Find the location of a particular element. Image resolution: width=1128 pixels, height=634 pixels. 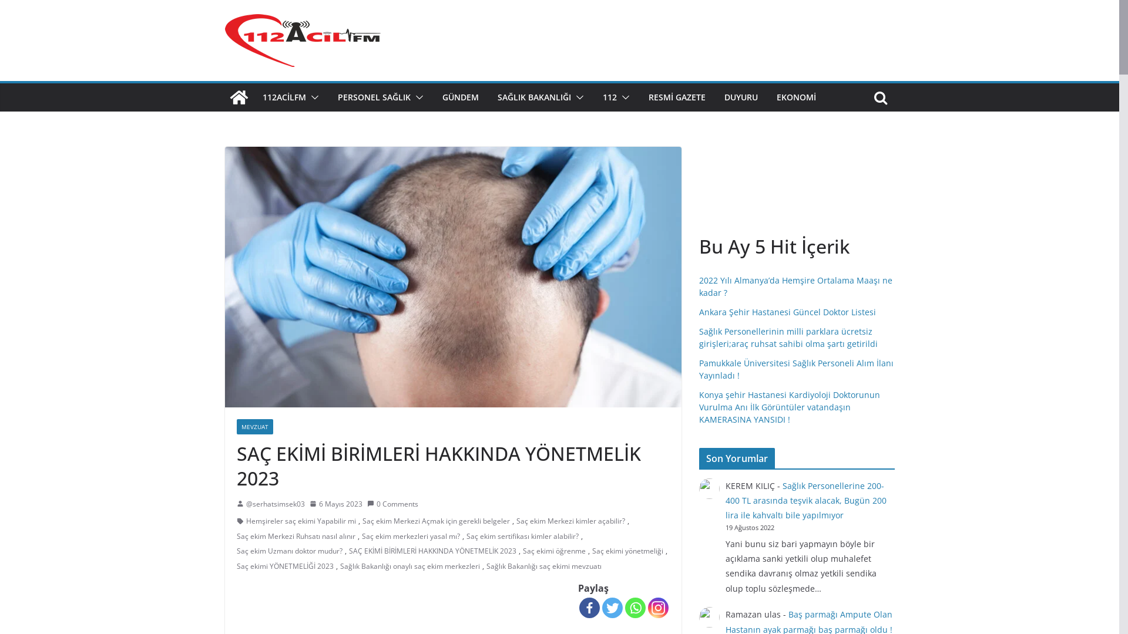

'Twitter' is located at coordinates (611, 608).